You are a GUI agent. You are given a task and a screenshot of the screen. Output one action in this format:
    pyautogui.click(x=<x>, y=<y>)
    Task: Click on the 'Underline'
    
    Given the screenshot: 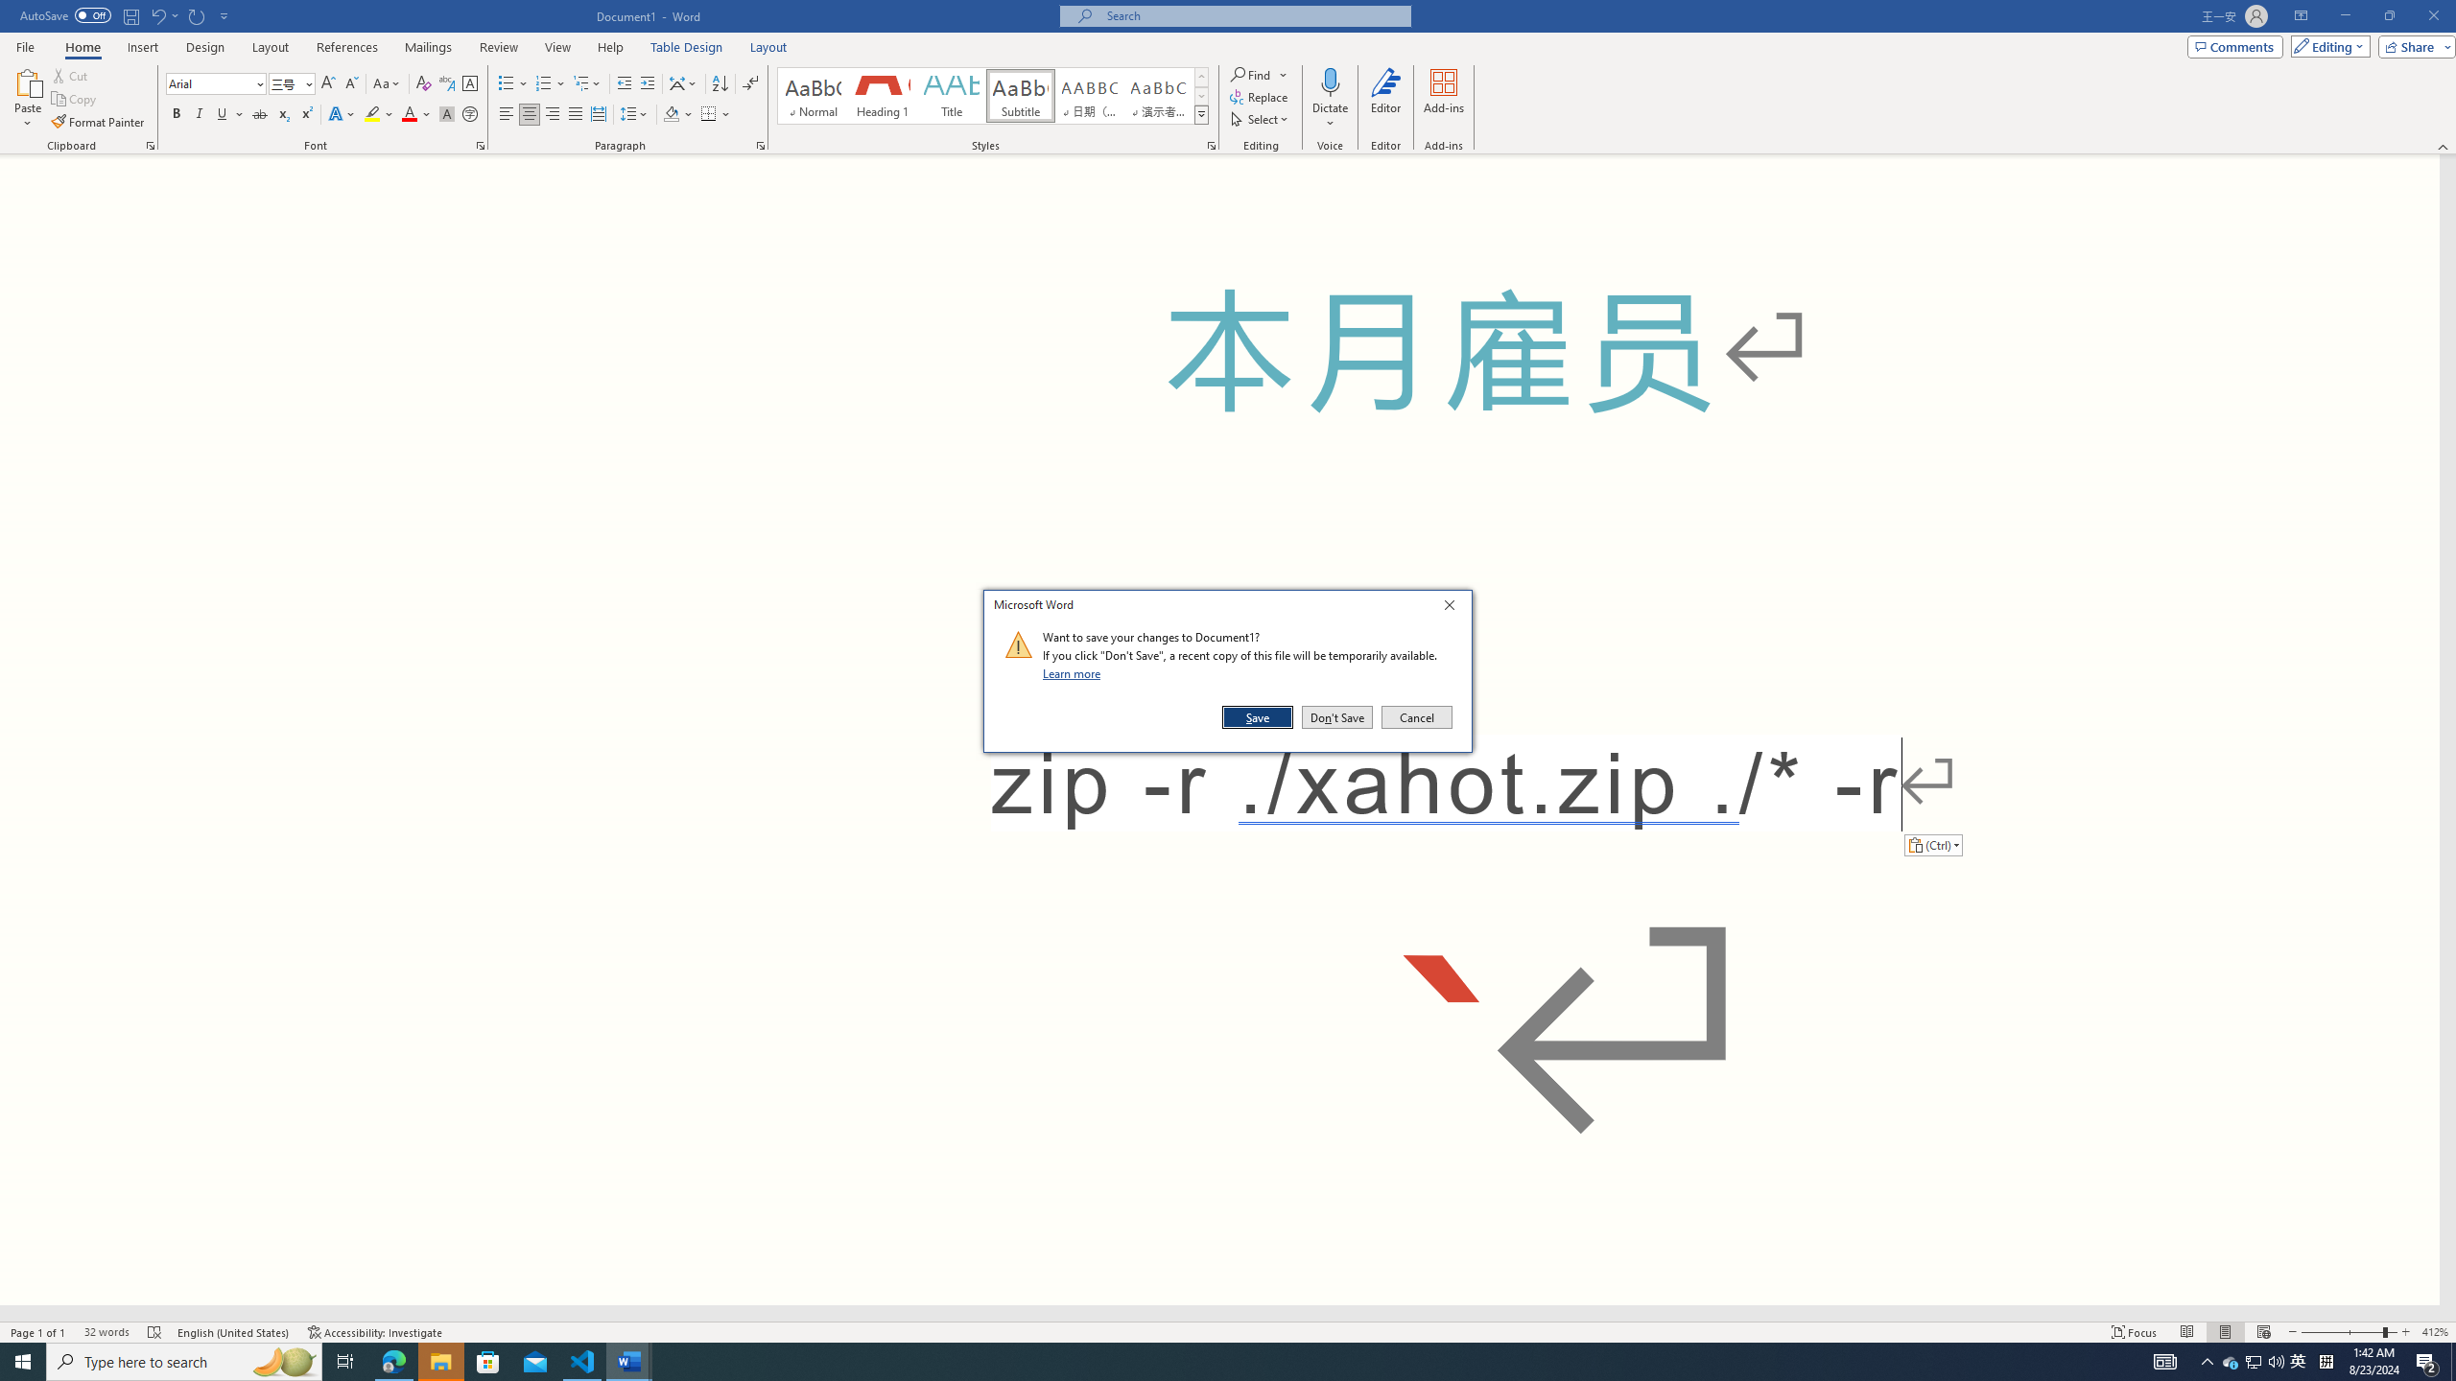 What is the action you would take?
    pyautogui.click(x=222, y=113)
    